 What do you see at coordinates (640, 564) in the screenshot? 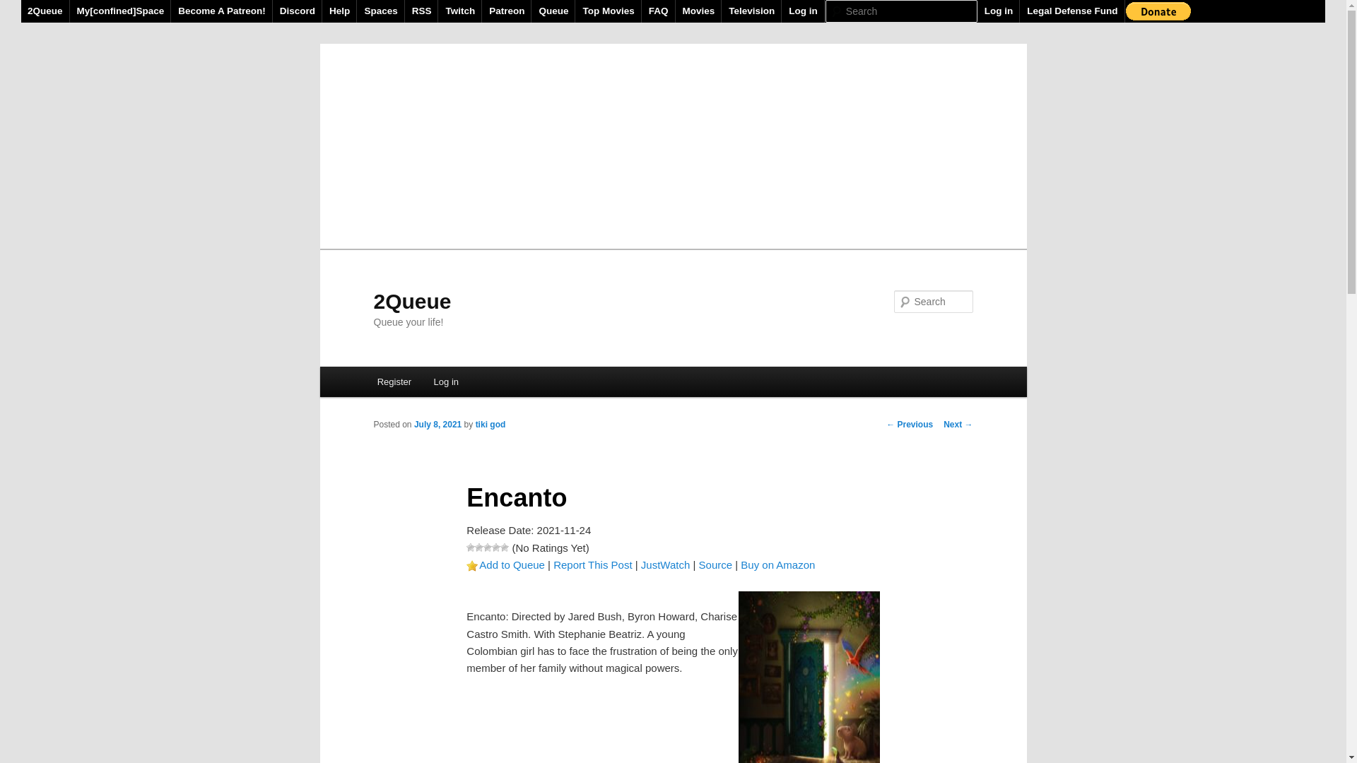
I see `'JustWatch'` at bounding box center [640, 564].